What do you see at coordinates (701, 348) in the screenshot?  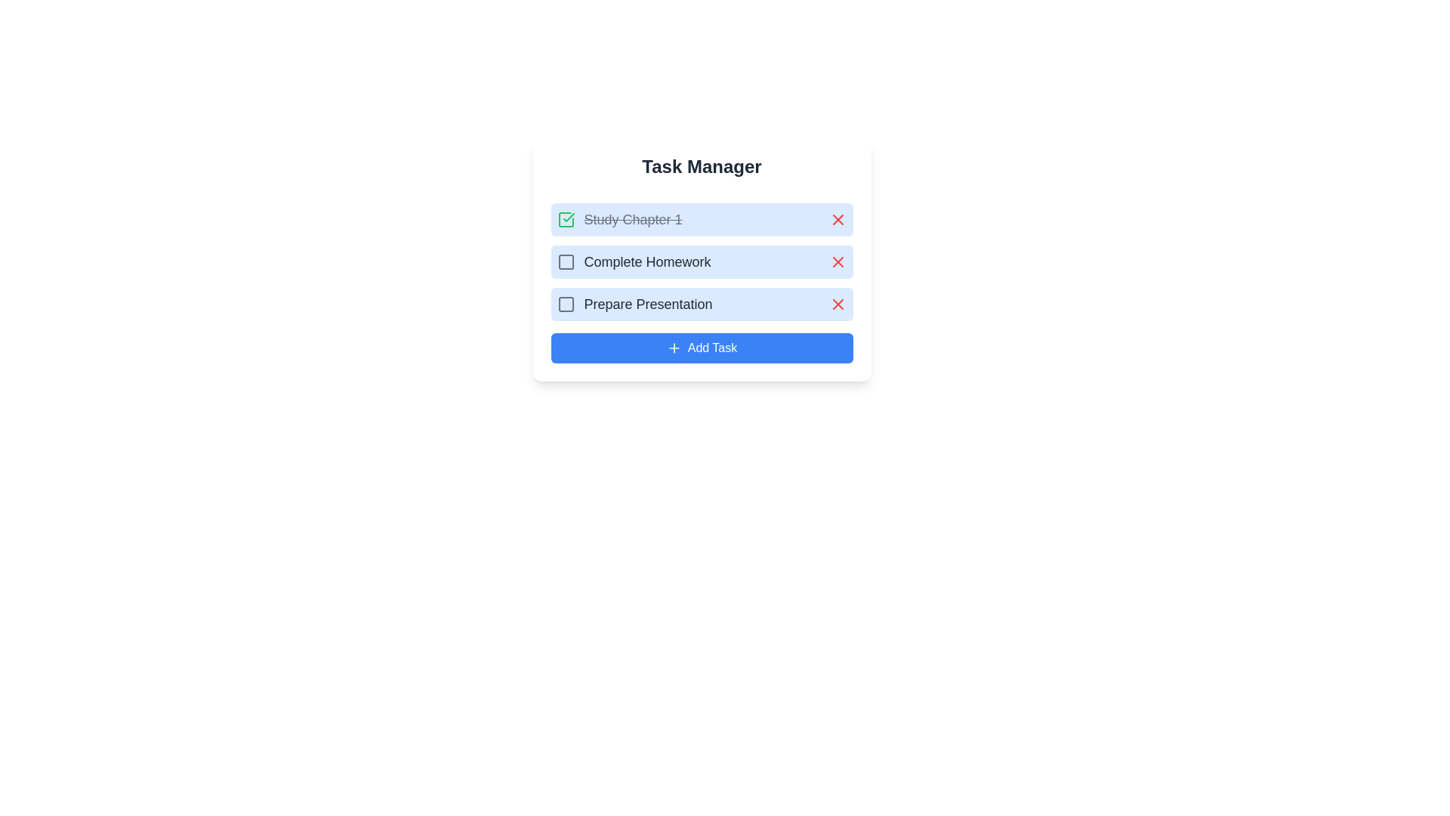 I see `the 'Add Task' button located at the bottom of the task manager panel to change its background color` at bounding box center [701, 348].